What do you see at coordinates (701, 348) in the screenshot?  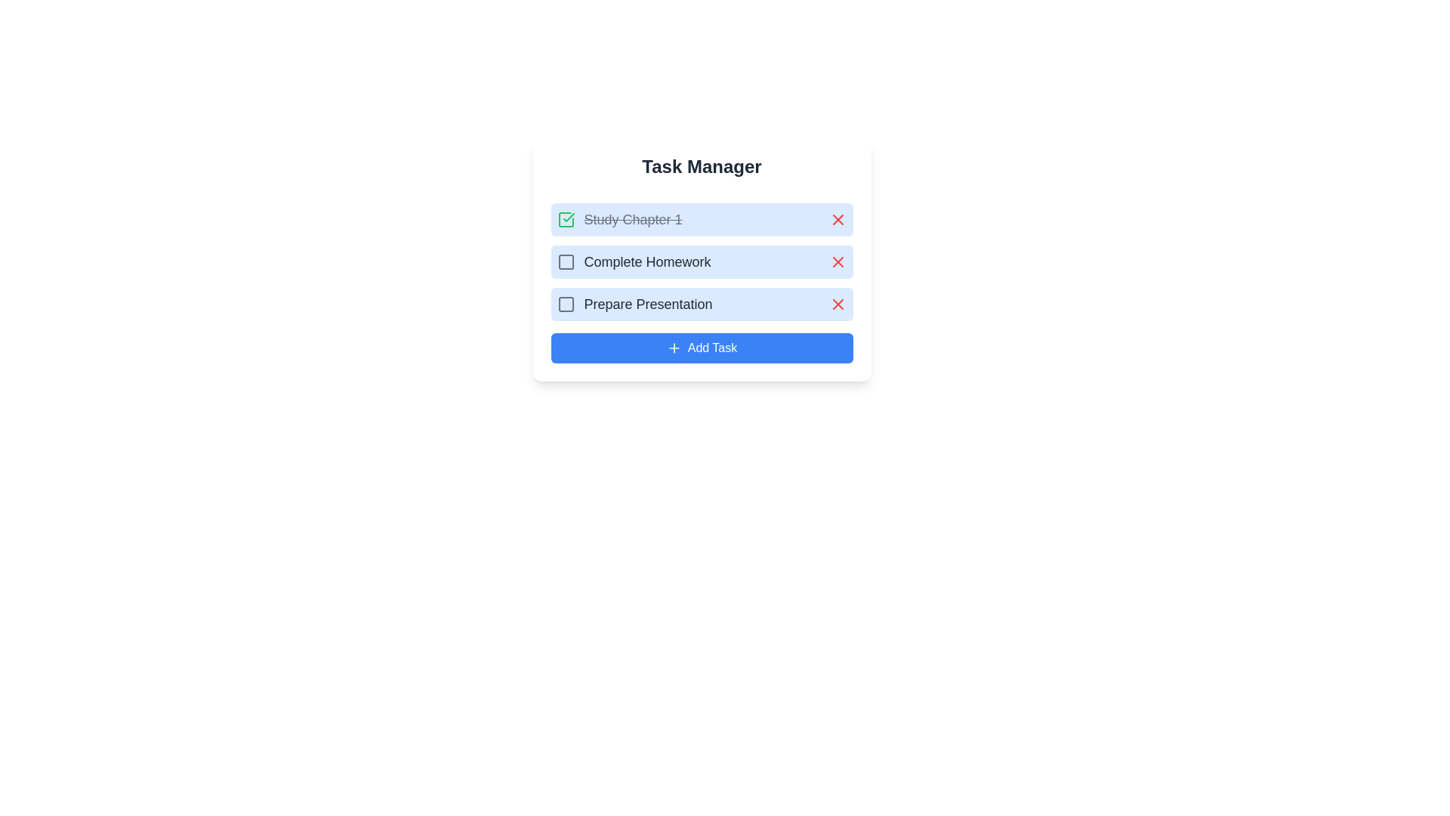 I see `the 'Add Task' button located at the bottom of the task manager panel to change its background color` at bounding box center [701, 348].